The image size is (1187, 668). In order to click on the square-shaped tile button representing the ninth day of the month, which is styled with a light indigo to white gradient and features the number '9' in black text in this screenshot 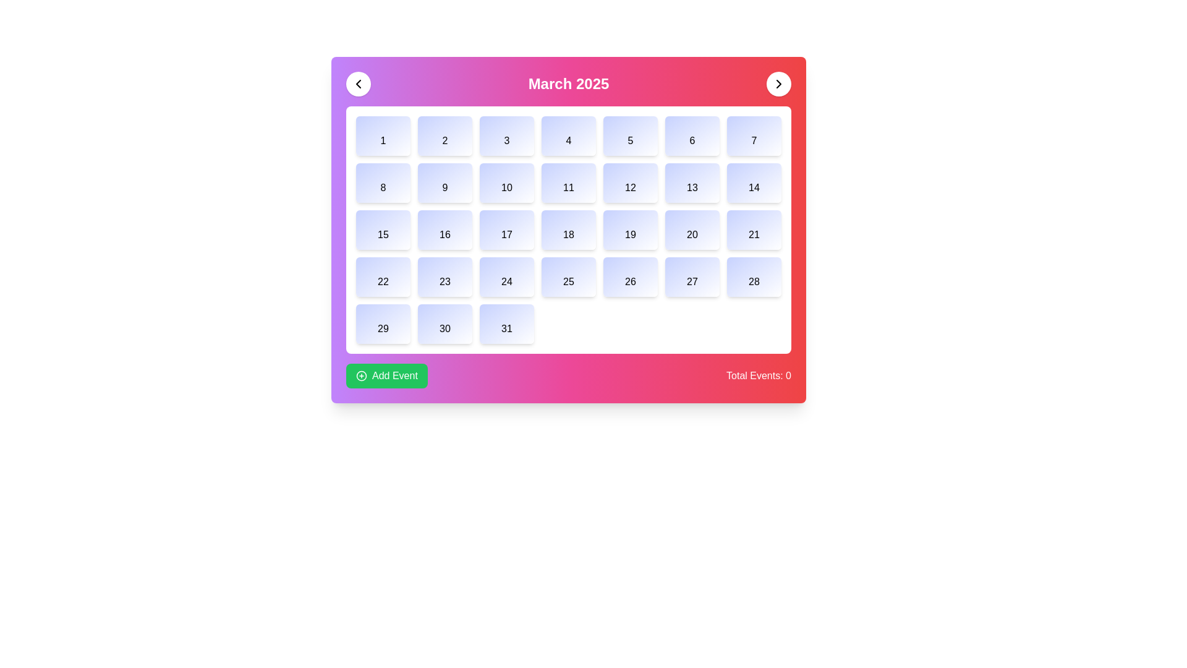, I will do `click(445, 183)`.